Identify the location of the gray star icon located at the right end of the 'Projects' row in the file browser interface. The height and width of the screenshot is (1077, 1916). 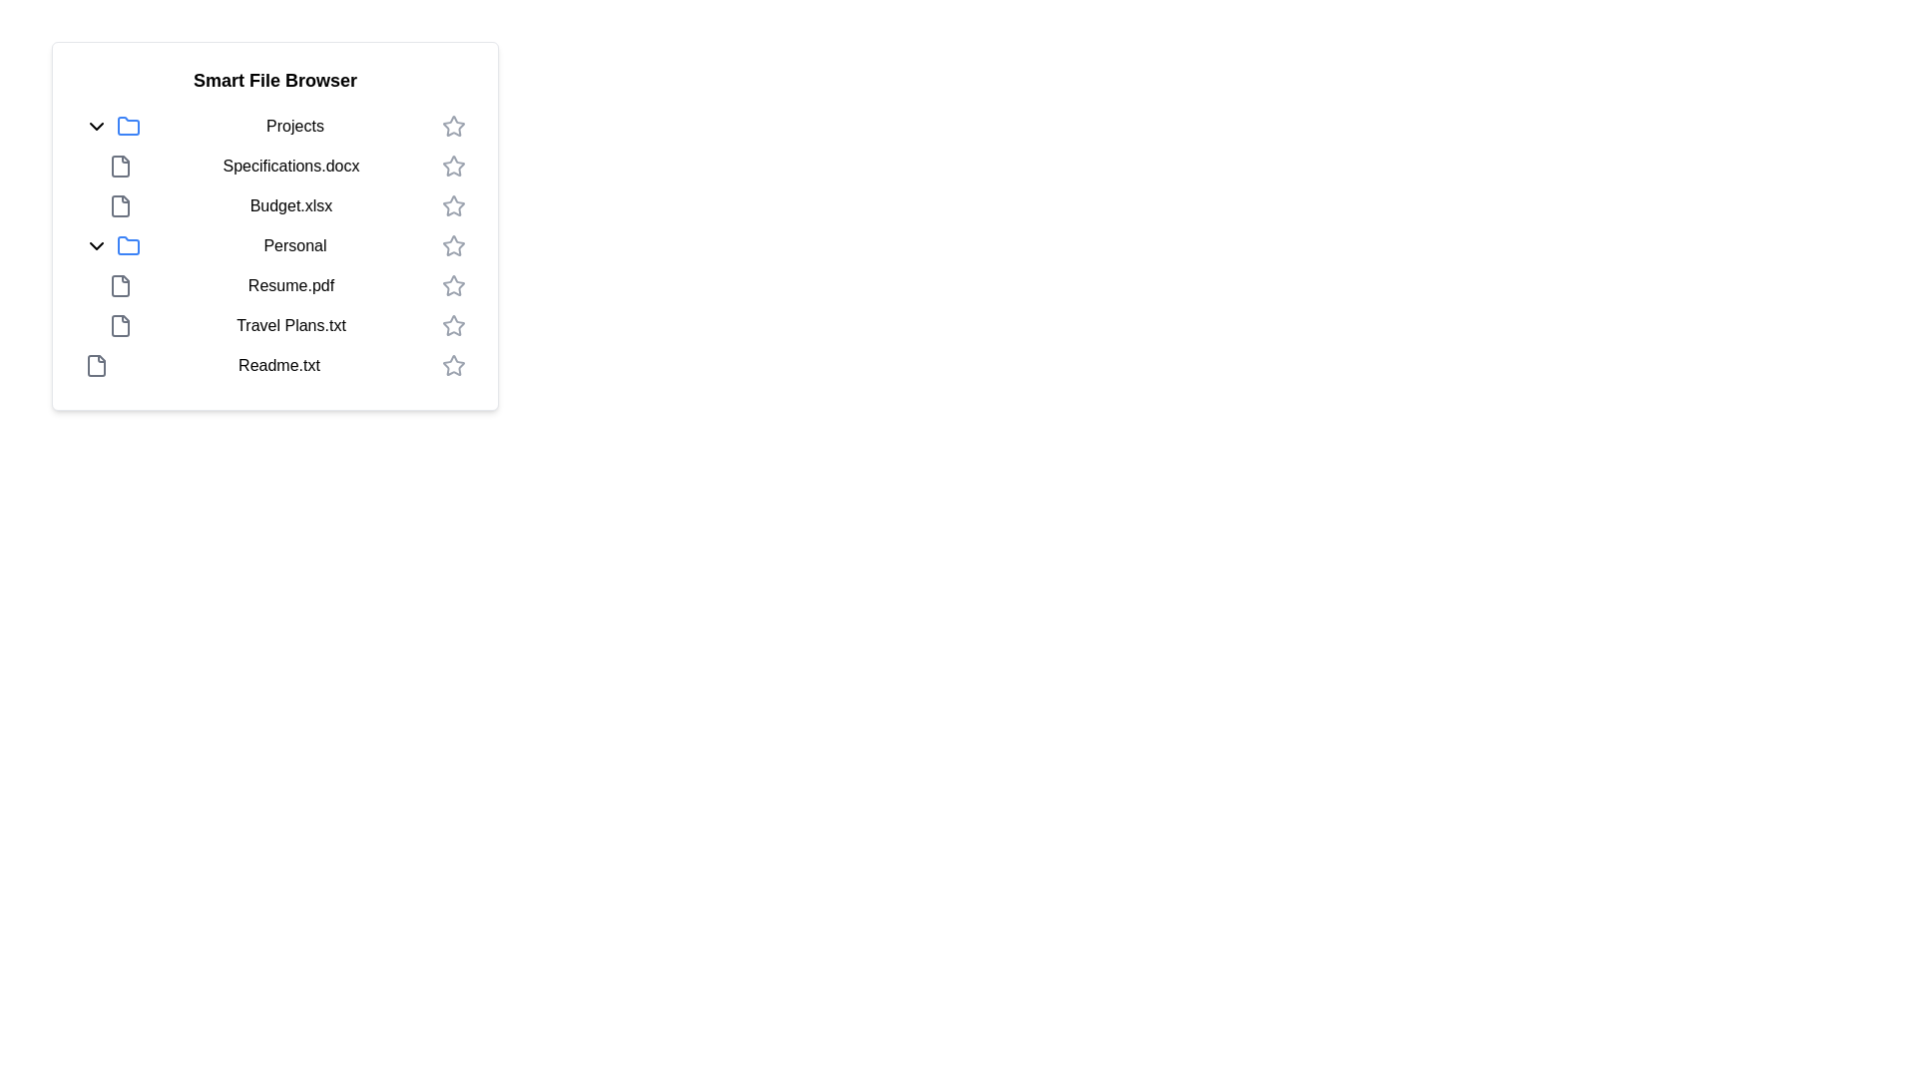
(453, 127).